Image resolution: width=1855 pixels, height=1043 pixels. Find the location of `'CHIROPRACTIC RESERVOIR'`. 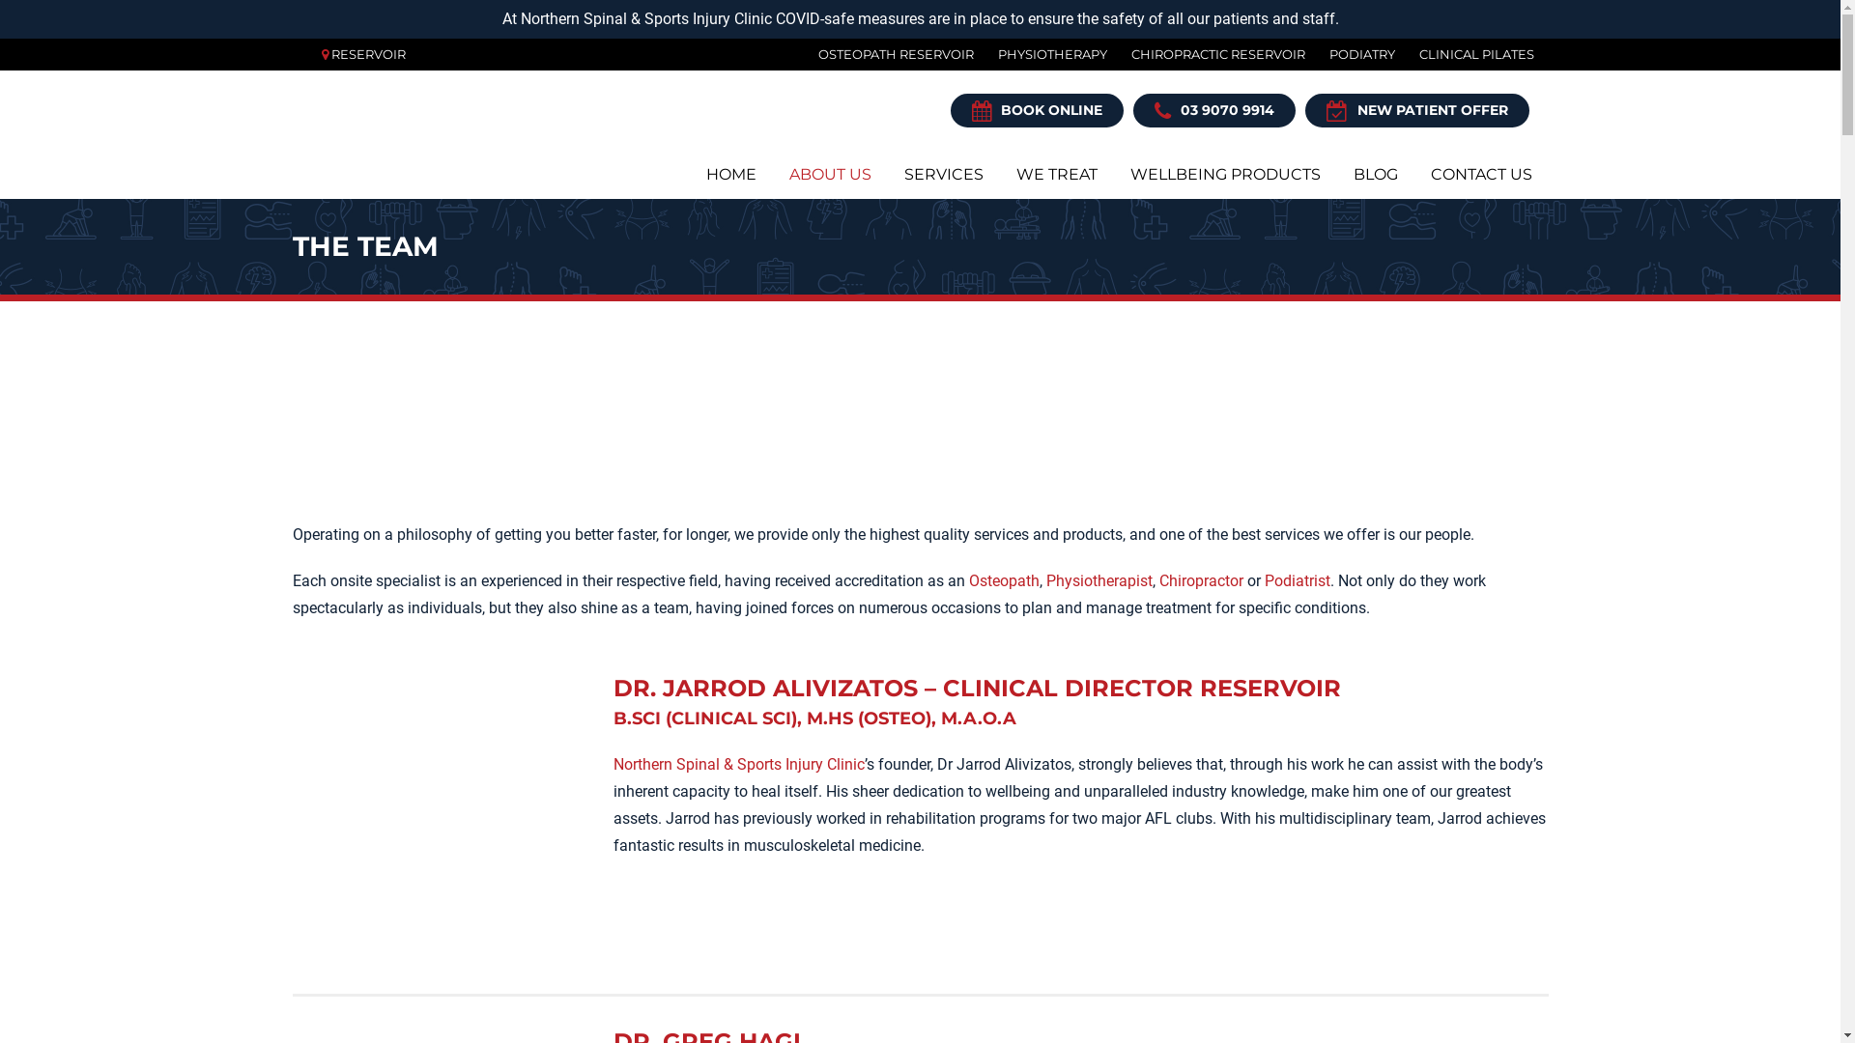

'CHIROPRACTIC RESERVOIR' is located at coordinates (1205, 53).